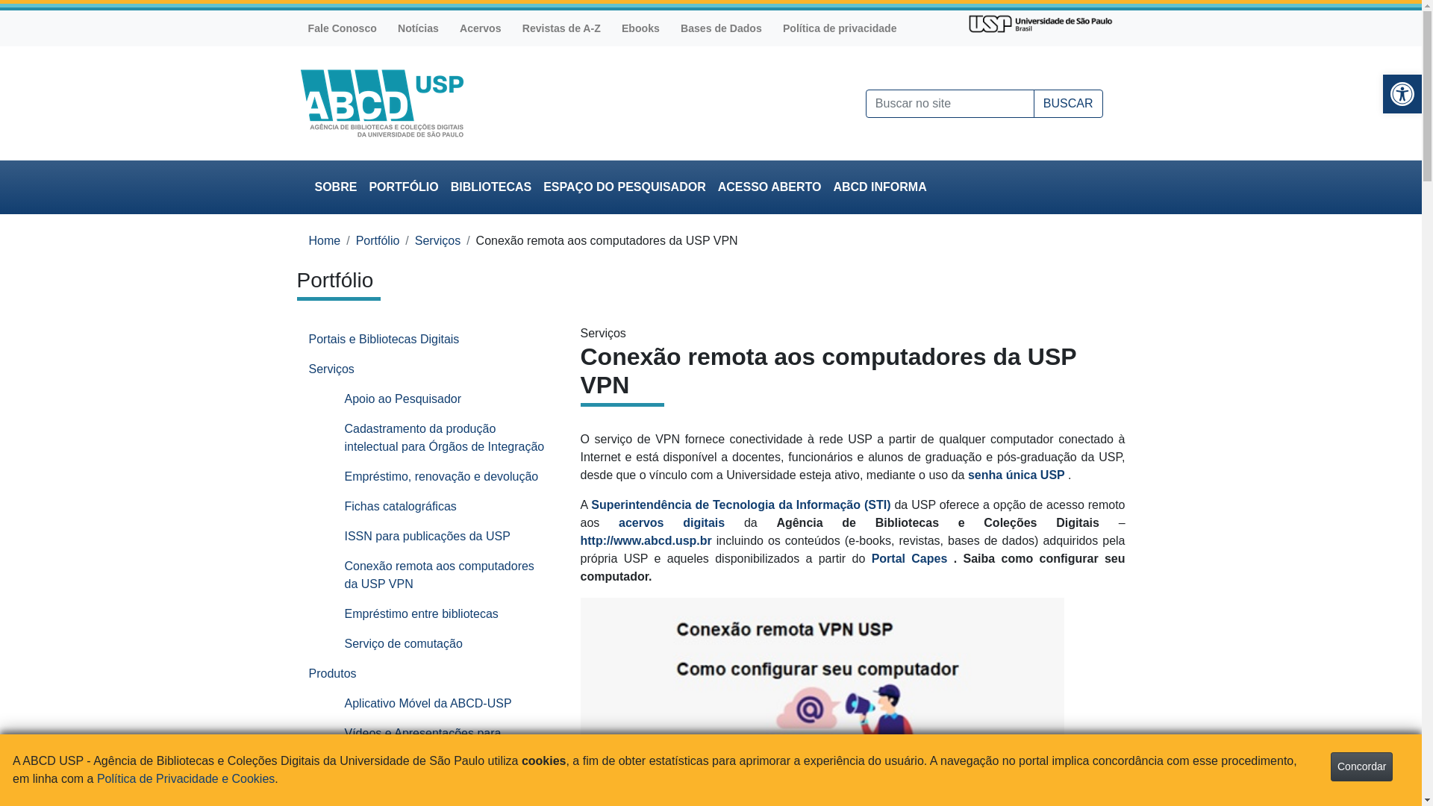 The image size is (1433, 806). Describe the element at coordinates (444, 399) in the screenshot. I see `'Apoio ao Pesquisador'` at that location.